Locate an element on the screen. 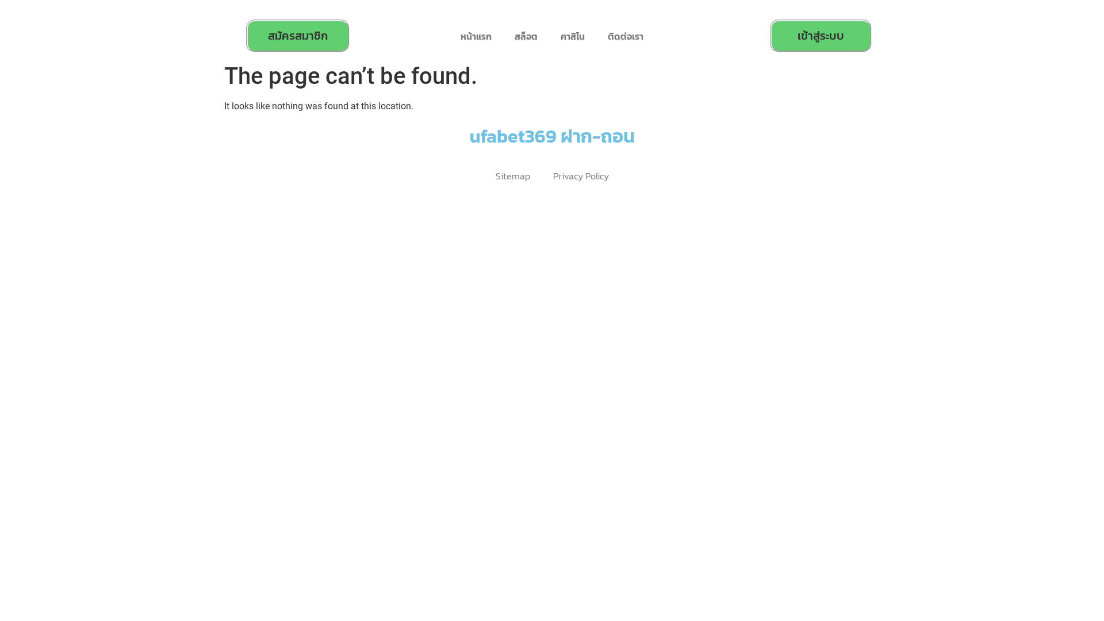  'Privacy Policy' is located at coordinates (581, 176).